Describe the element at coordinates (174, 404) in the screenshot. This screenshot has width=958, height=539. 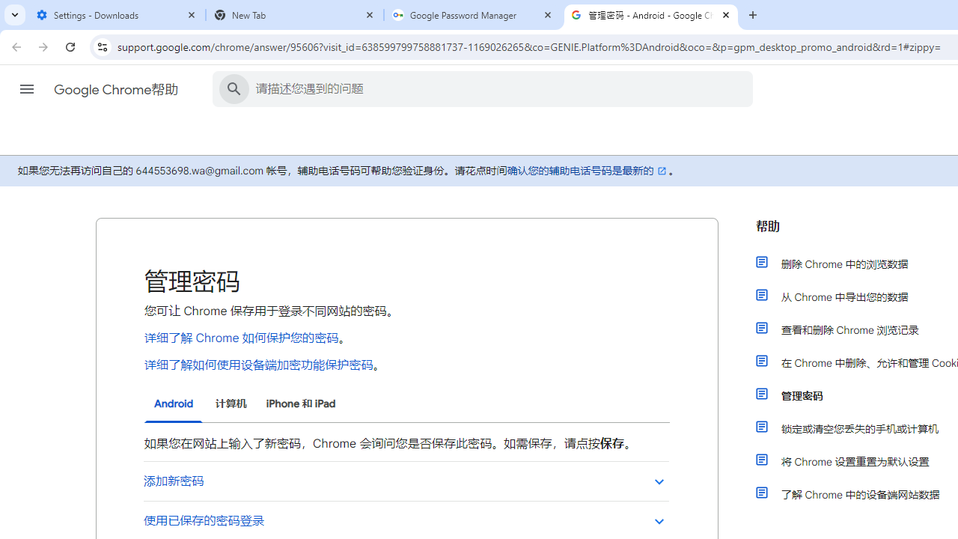
I see `'Android'` at that location.